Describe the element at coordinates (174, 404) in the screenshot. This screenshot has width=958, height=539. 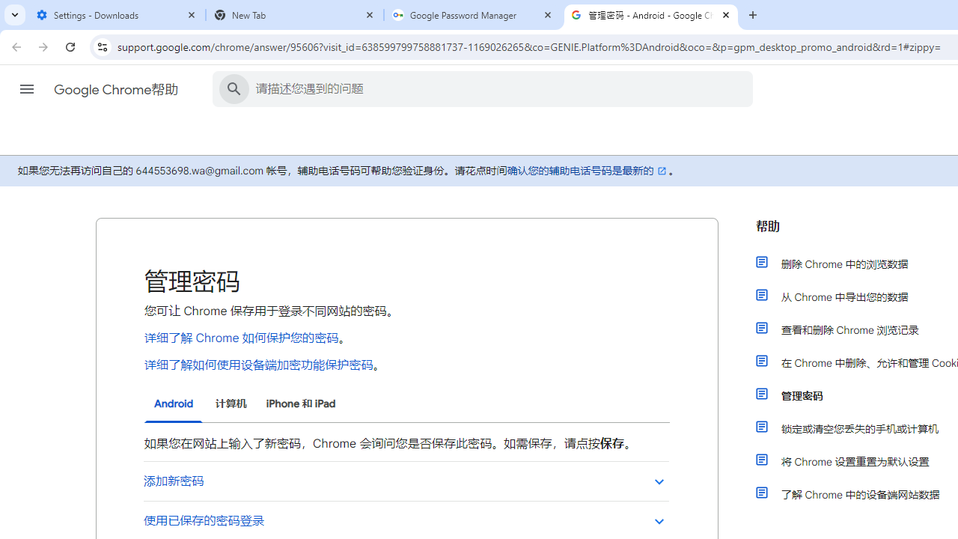
I see `'Android'` at that location.